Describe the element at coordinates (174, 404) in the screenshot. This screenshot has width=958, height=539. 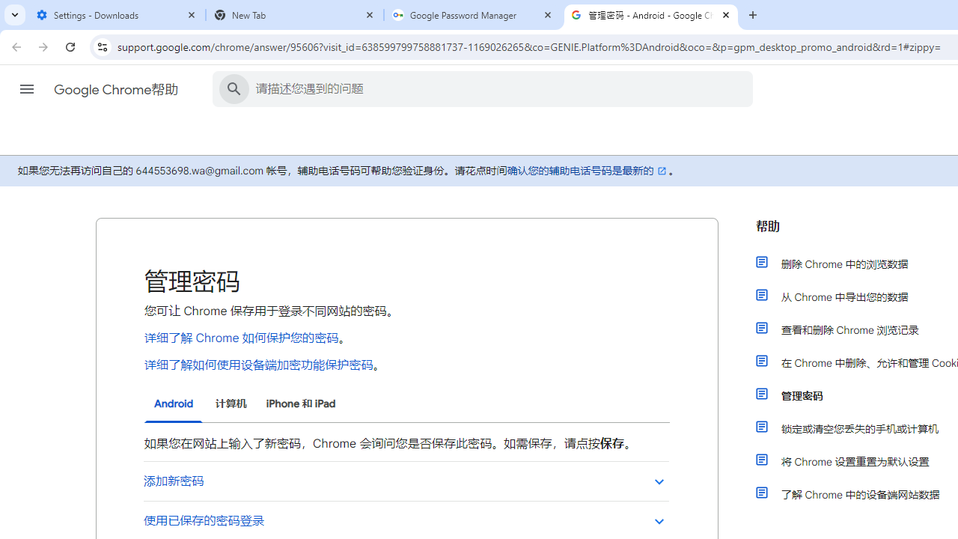
I see `'Android'` at that location.